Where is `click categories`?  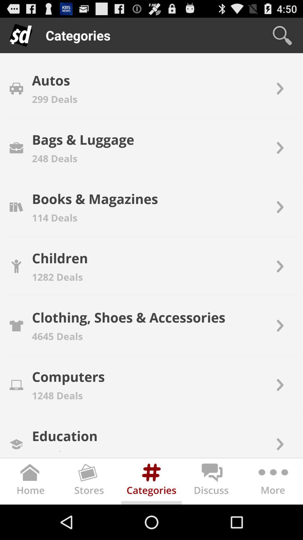 click categories is located at coordinates (151, 482).